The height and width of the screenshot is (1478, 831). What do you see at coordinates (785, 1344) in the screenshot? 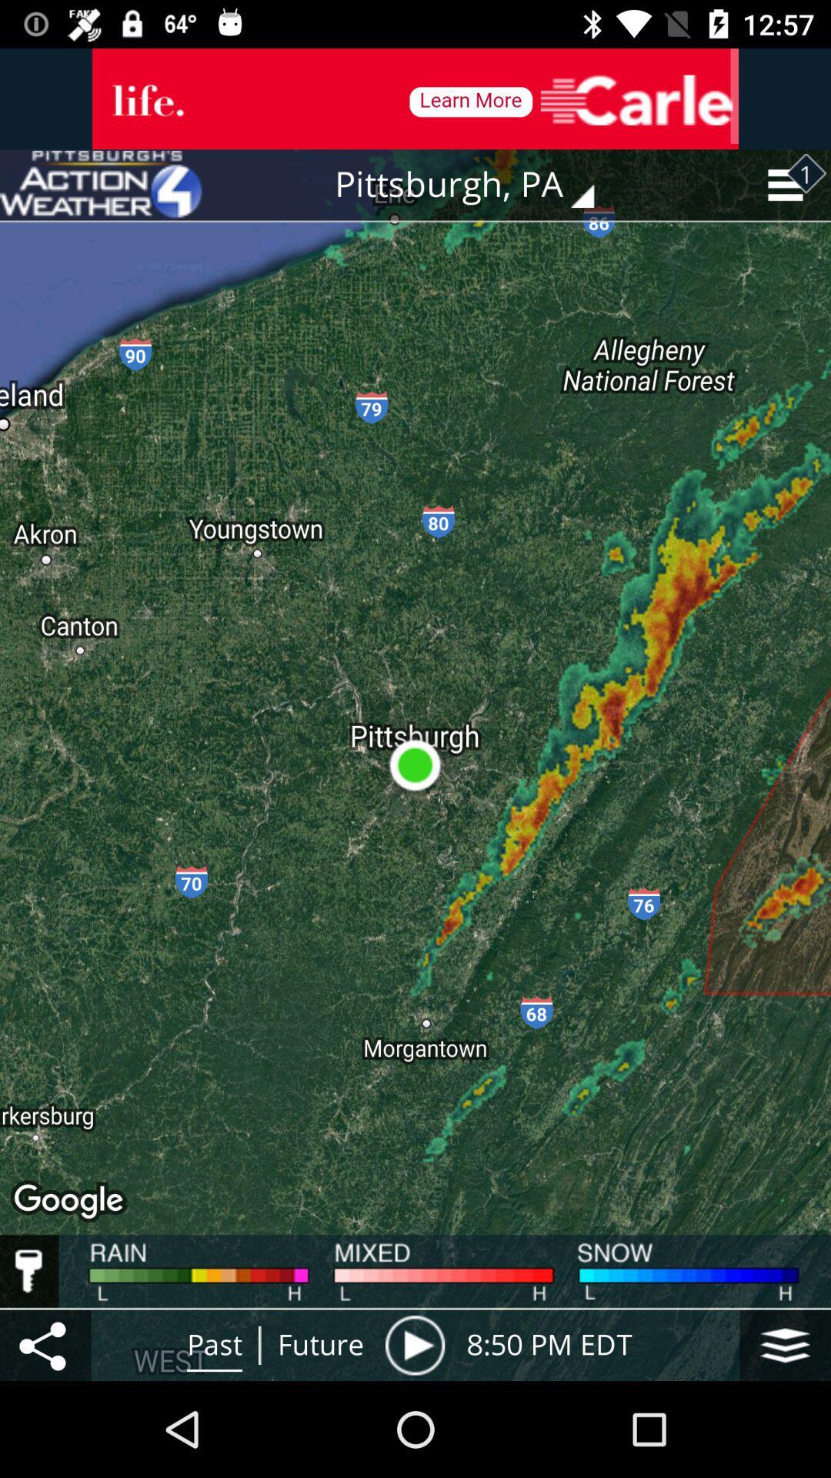
I see `storage` at bounding box center [785, 1344].